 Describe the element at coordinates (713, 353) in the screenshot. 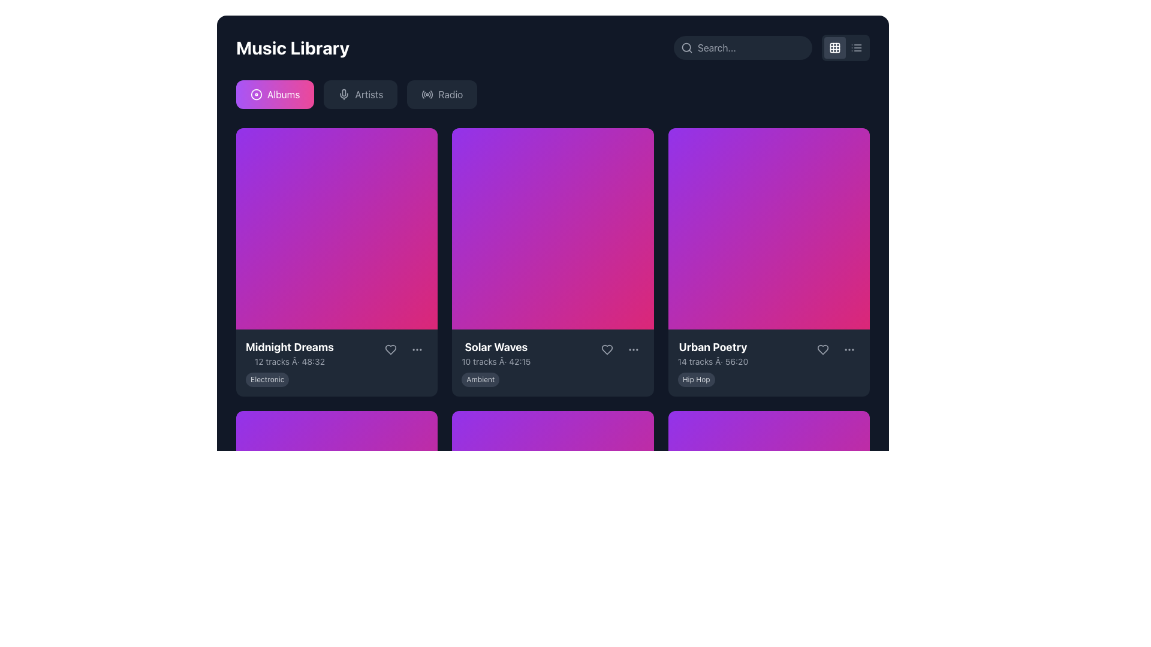

I see `text displayed as 'Urban Poetry' with the subtitle '14 tracks • 56:20' located on the third album or playlist card in the top row` at that location.